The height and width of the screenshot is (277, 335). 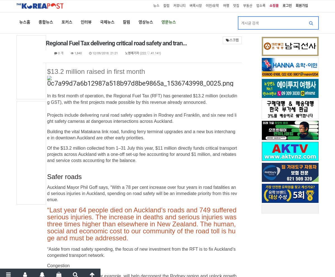 What do you see at coordinates (141, 224) in the screenshot?
I see `'“Last year 64 people died on Auckland’s roads and 749 suffered serious injuries. The increase in deaths and serious injuries was three times higher than elsewhere in New Zealand. The human, social and economic cost to our community of the road toll is huge and must be addressed.'` at bounding box center [141, 224].